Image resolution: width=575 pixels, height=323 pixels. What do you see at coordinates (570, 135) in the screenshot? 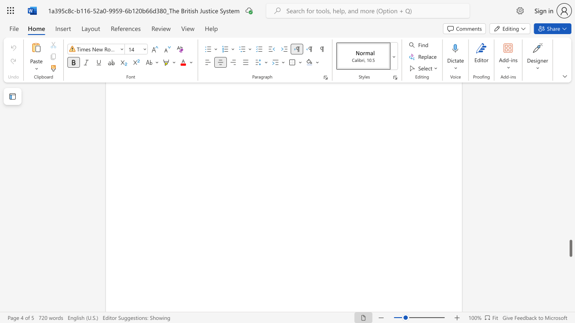
I see `the scrollbar on the side` at bounding box center [570, 135].